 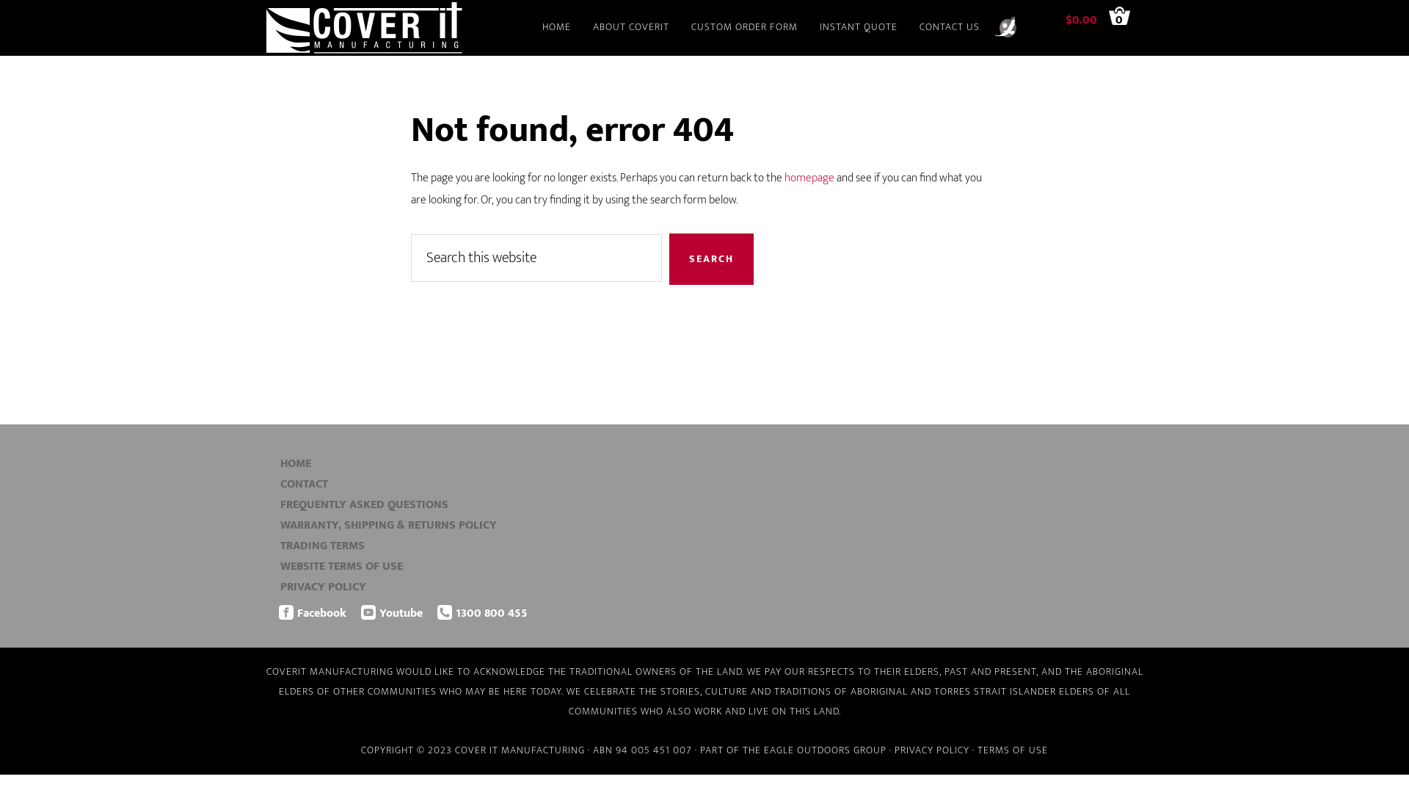 I want to click on 'FREQUENTLY ASKED QUESTIONS', so click(x=280, y=504).